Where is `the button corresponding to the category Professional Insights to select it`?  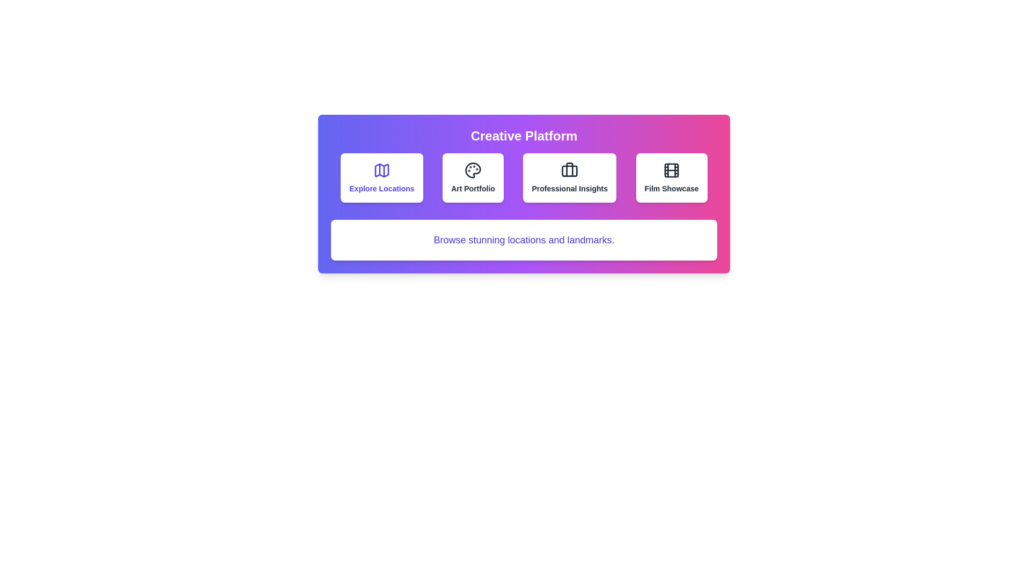
the button corresponding to the category Professional Insights to select it is located at coordinates (569, 177).